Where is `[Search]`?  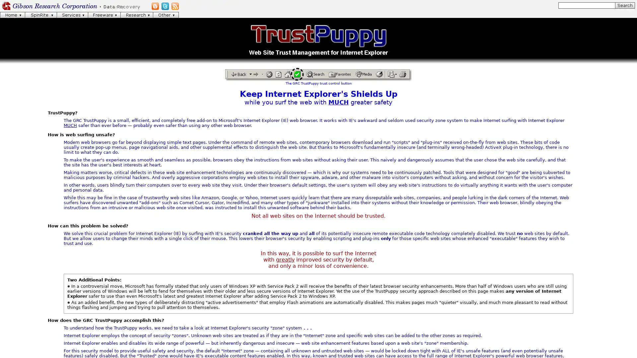 [Search] is located at coordinates (624, 5).